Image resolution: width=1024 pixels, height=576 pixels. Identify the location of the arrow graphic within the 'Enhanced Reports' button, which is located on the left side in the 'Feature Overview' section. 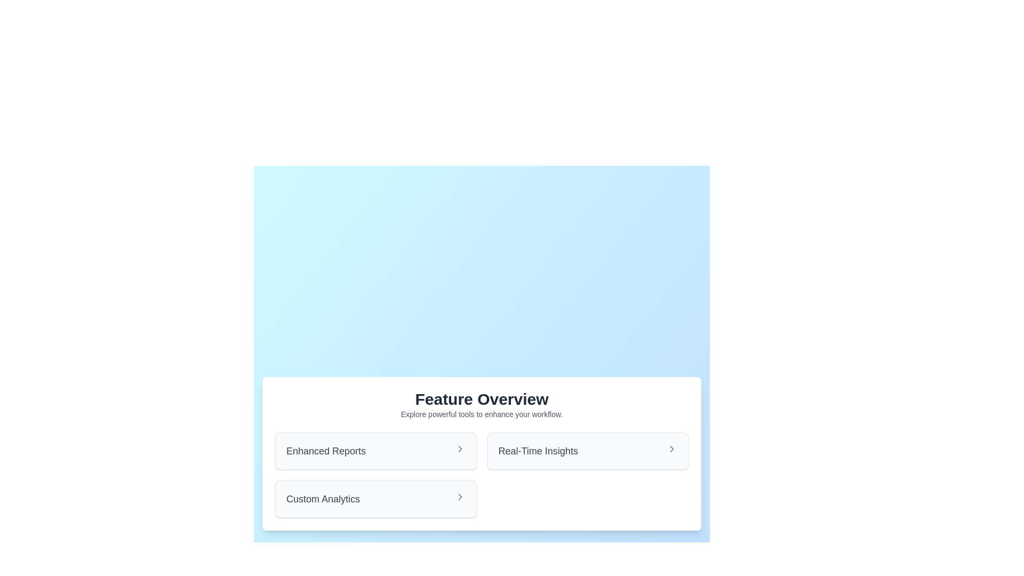
(460, 449).